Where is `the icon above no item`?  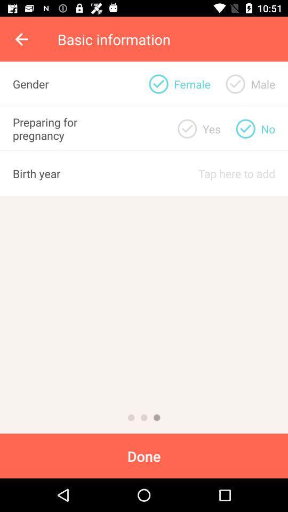 the icon above no item is located at coordinates (262, 83).